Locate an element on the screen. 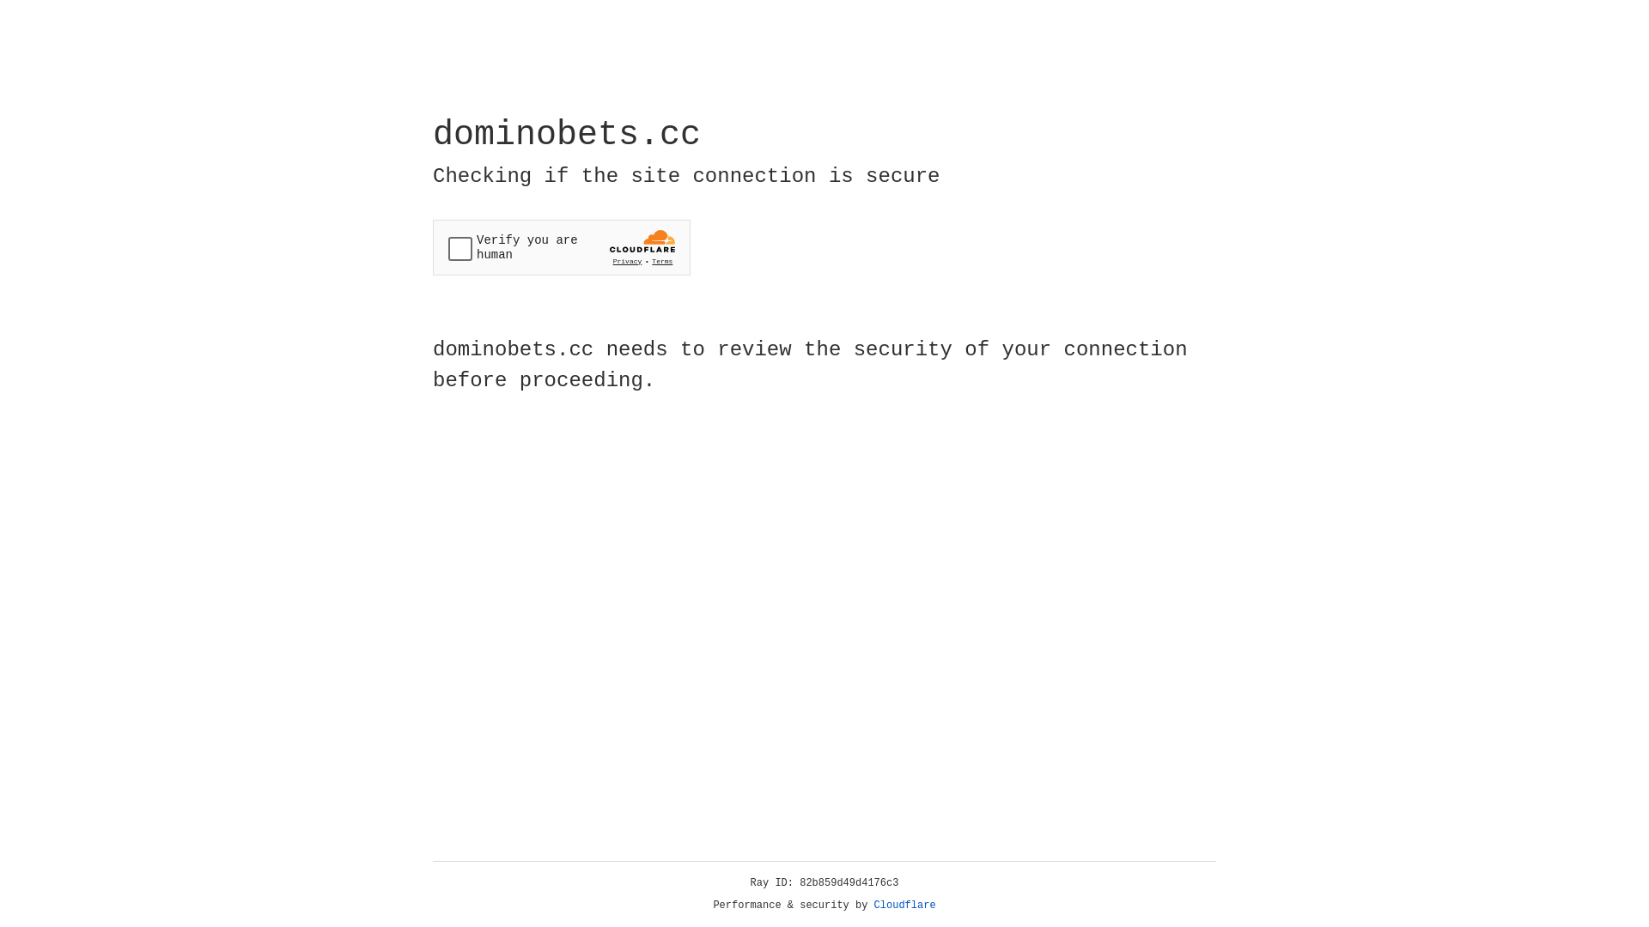 The image size is (1649, 927). 'Widget containing a Cloudflare security challenge' is located at coordinates (561, 247).